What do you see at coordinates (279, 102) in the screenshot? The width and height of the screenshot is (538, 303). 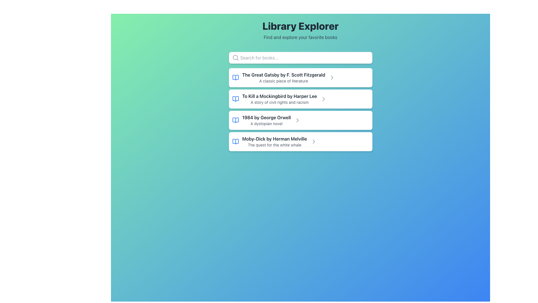 I see `description text that says 'A story of civil rights and racism', which is displayed in a smaller font size and muted gray color, located below the title 'To Kill a Mockingbird by Harper Lee' in the second card-like layout` at bounding box center [279, 102].